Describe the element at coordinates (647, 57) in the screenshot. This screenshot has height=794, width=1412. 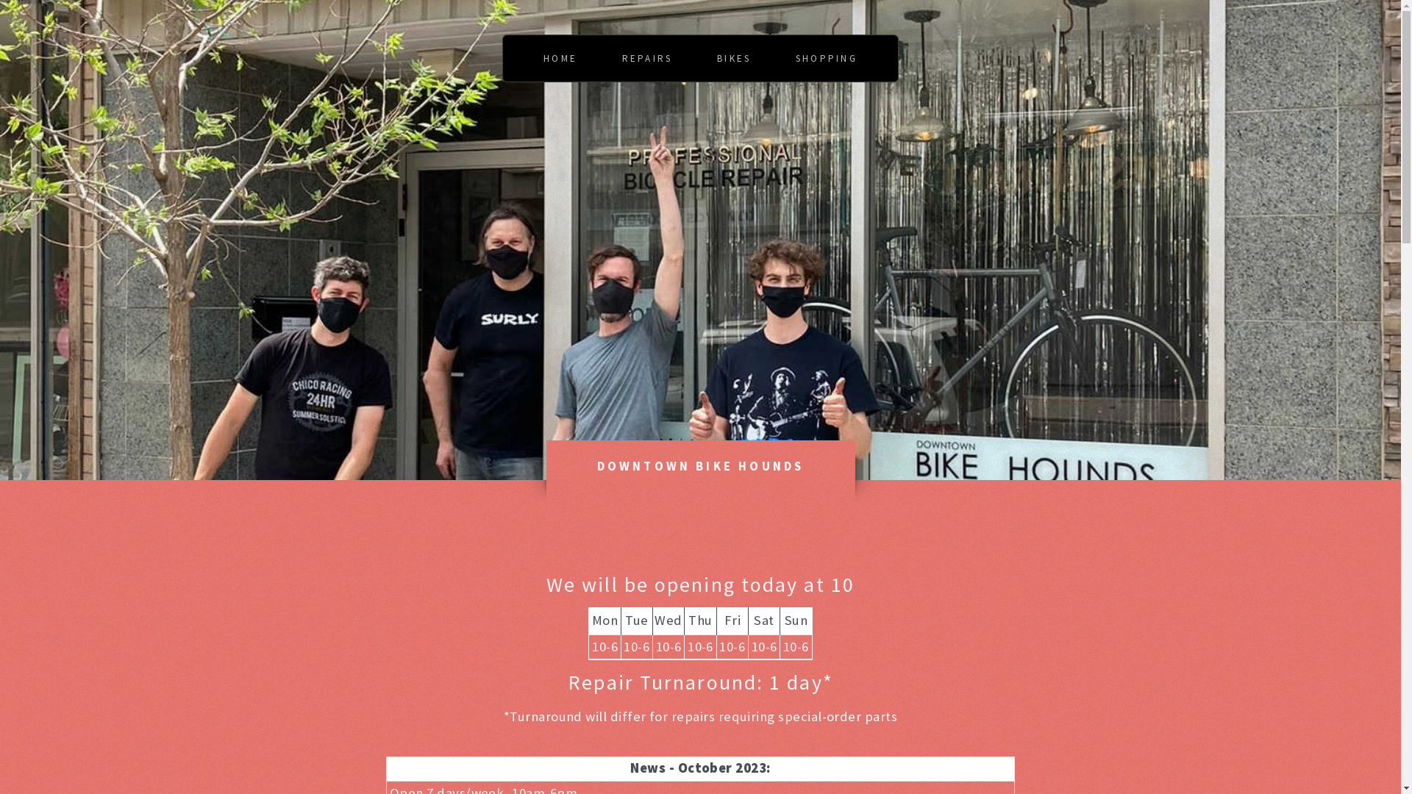
I see `'REPAIRS'` at that location.